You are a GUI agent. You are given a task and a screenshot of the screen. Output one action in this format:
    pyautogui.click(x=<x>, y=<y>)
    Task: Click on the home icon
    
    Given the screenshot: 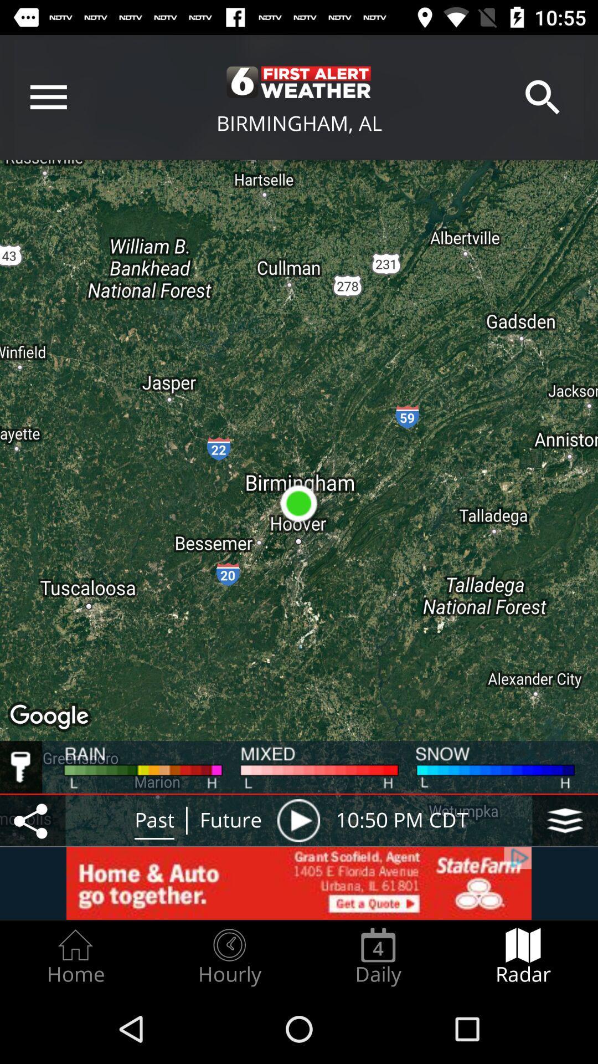 What is the action you would take?
    pyautogui.click(x=75, y=956)
    